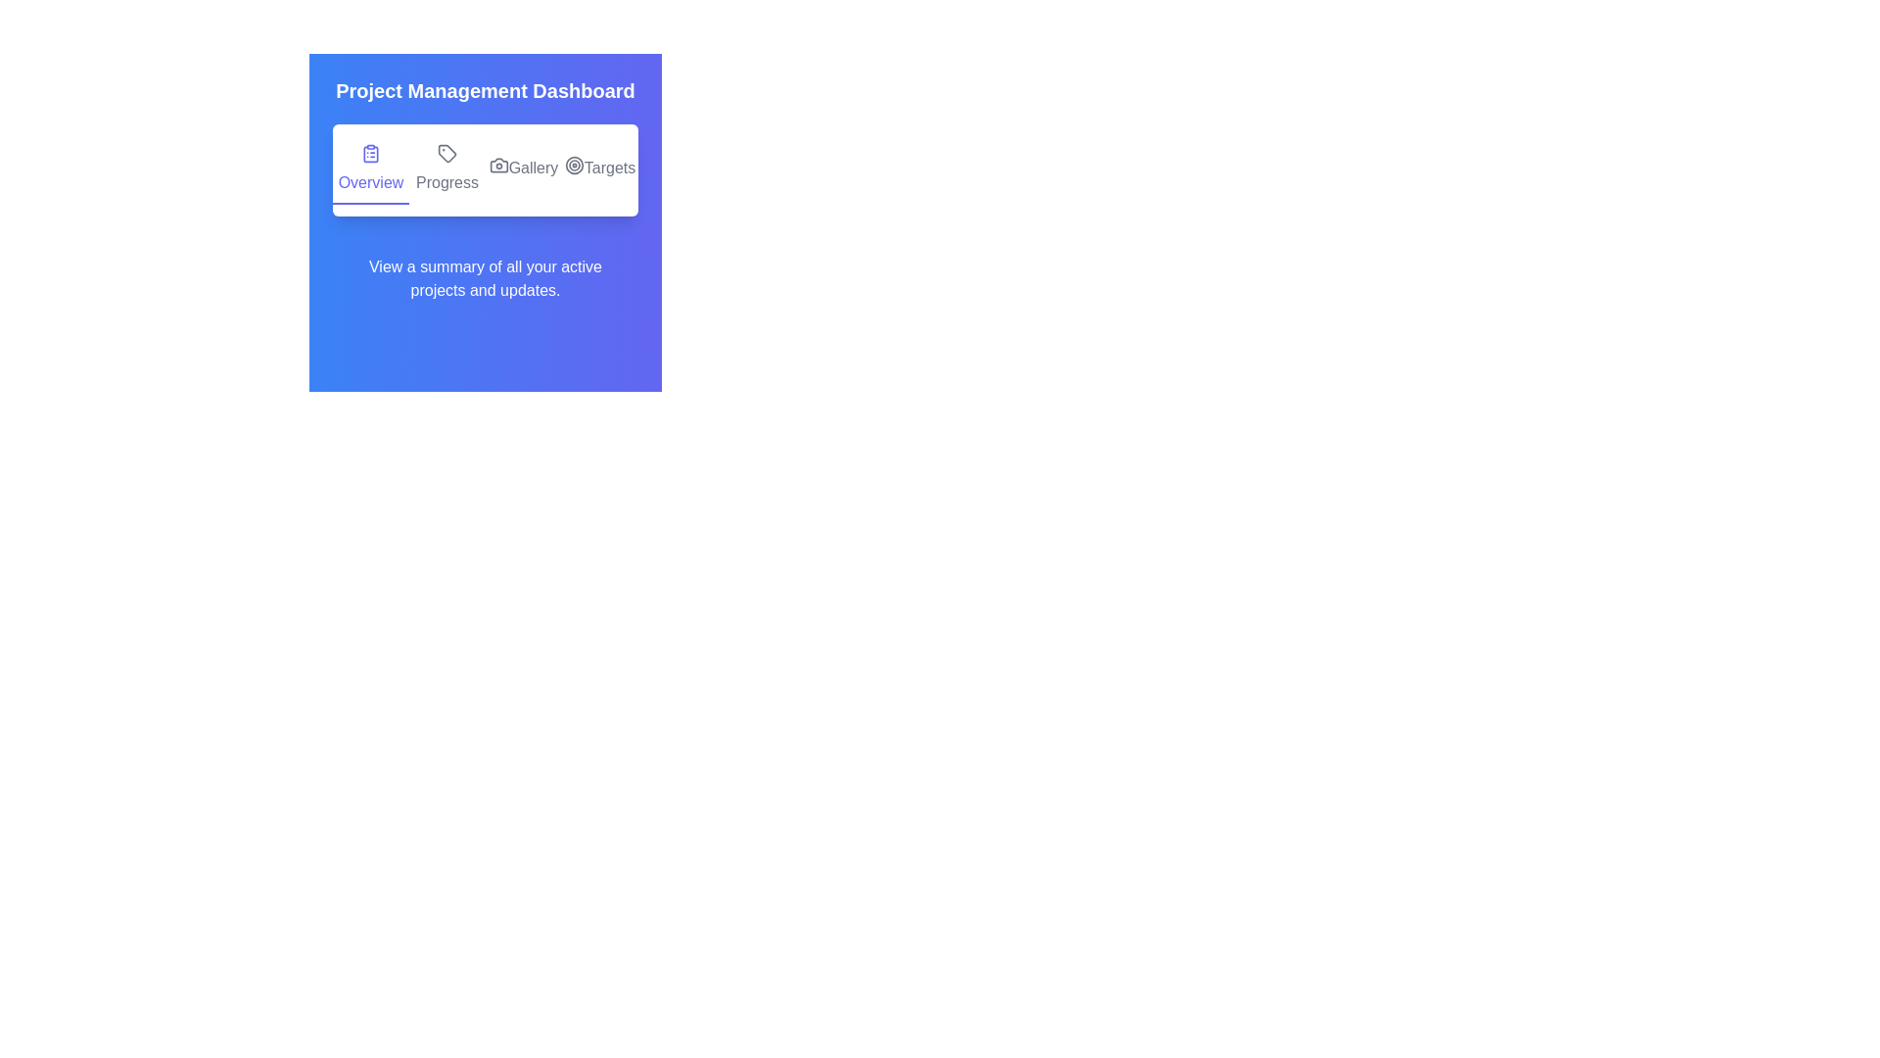 This screenshot has width=1880, height=1058. Describe the element at coordinates (599, 168) in the screenshot. I see `the tab corresponding to Targets` at that location.